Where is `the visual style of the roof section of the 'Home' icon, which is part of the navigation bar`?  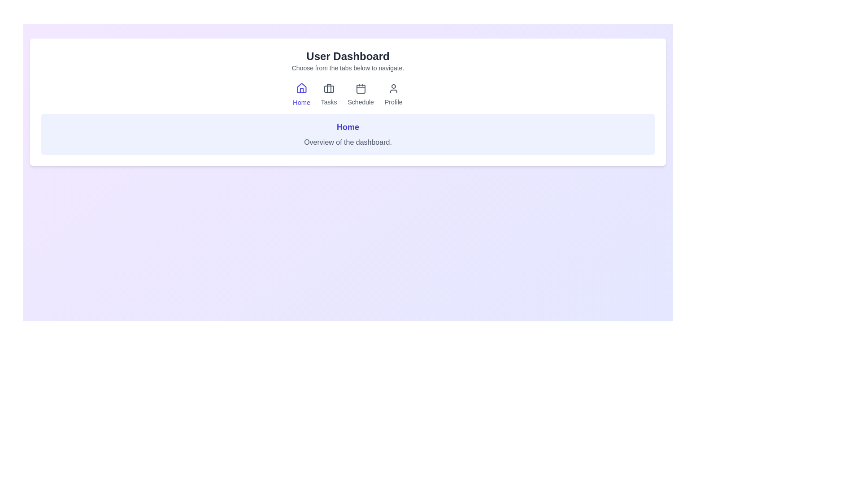 the visual style of the roof section of the 'Home' icon, which is part of the navigation bar is located at coordinates (301, 88).